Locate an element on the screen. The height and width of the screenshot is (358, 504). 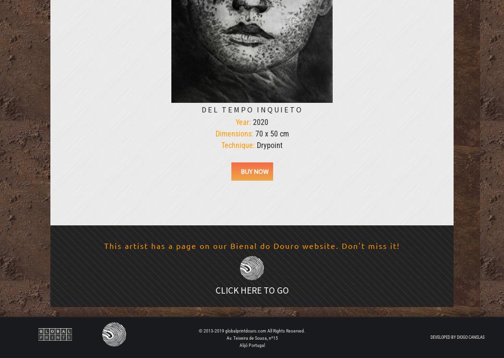
'Av. Teixeira de Sousa, nº15' is located at coordinates (251, 337).